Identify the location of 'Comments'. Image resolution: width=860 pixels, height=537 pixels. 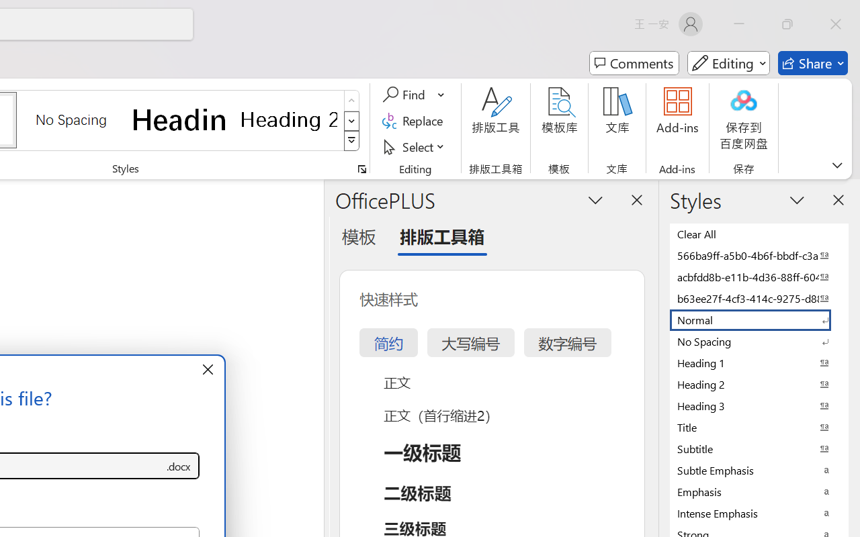
(634, 63).